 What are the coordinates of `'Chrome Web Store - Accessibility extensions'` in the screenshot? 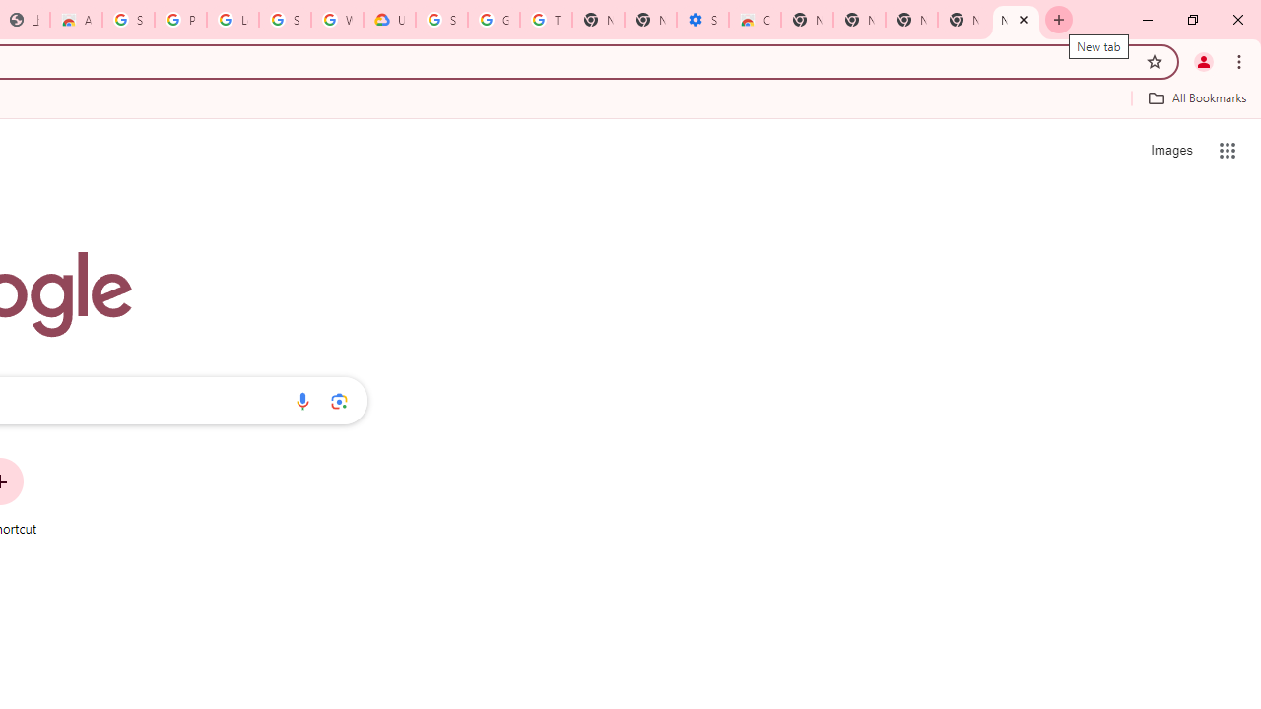 It's located at (754, 20).